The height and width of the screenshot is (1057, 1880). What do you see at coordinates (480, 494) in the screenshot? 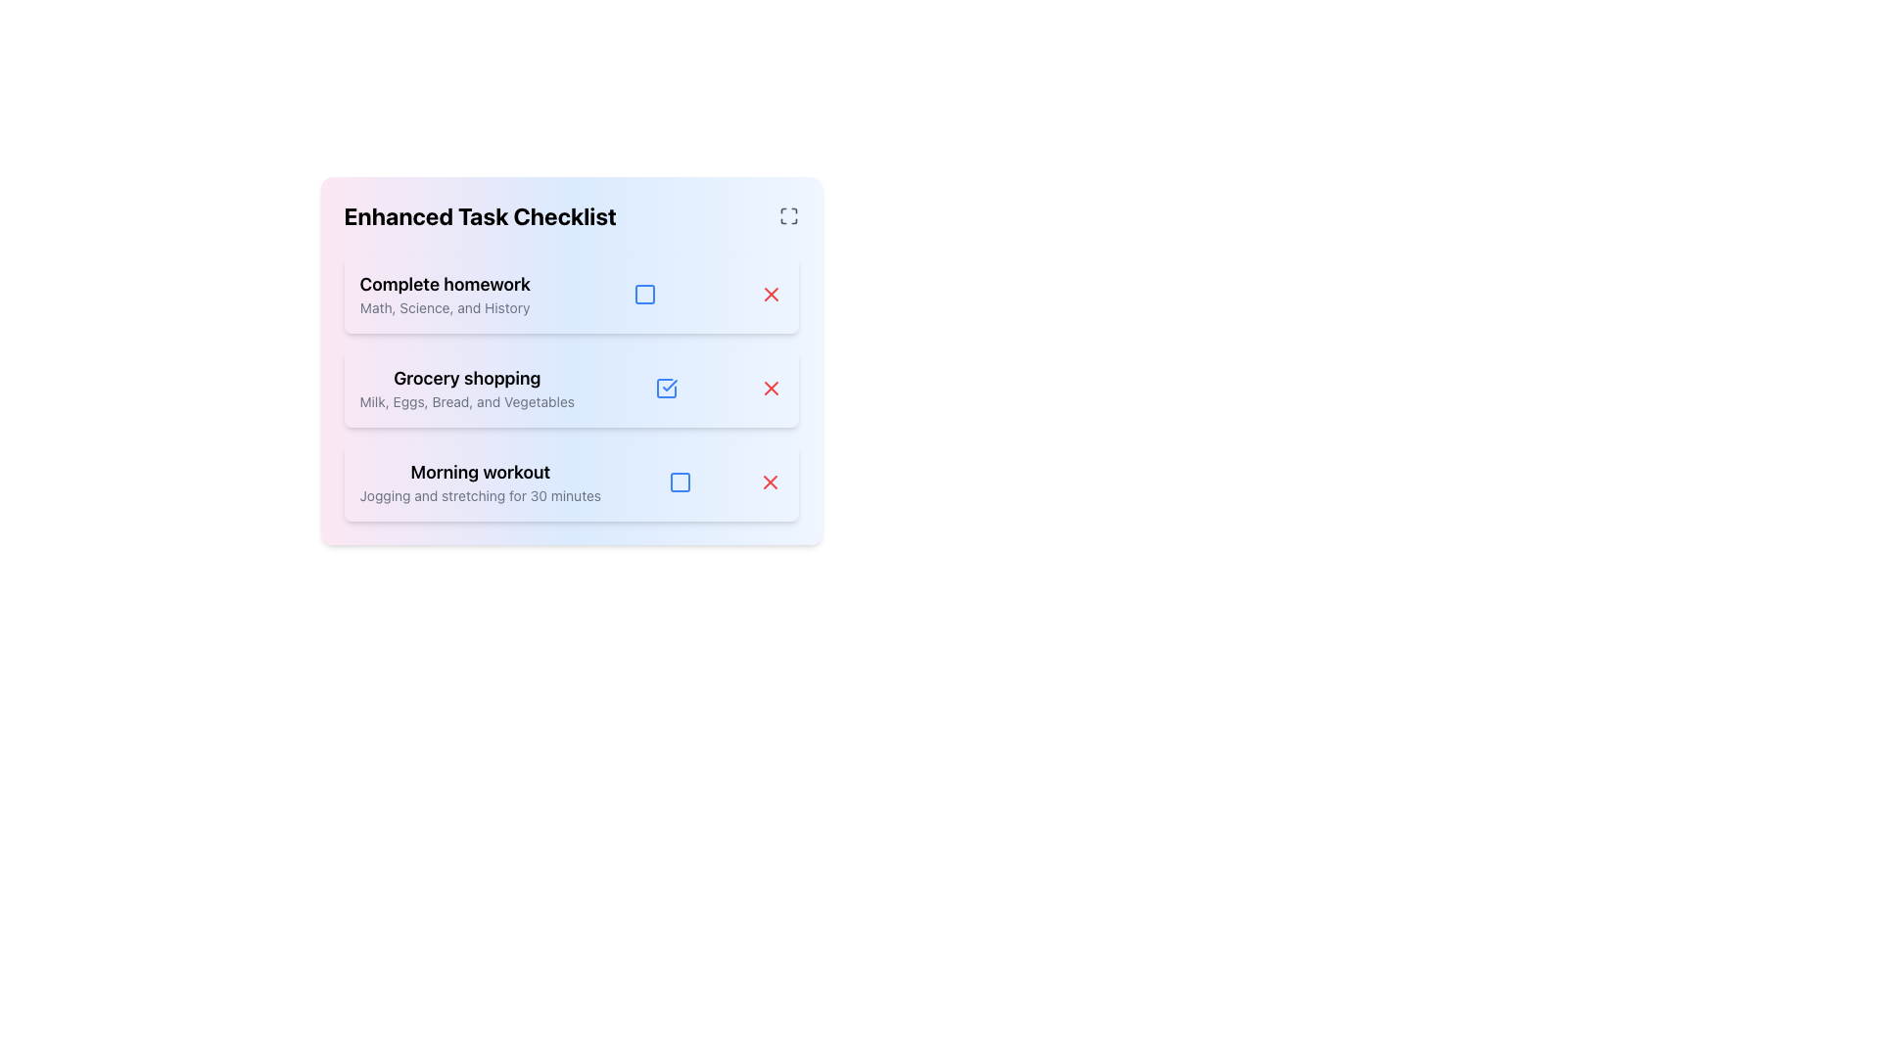
I see `the descriptive text element that reads 'Jogging and stretching for 30 minutes', styled in gray and smaller font, located below the 'Morning workout' title` at bounding box center [480, 494].